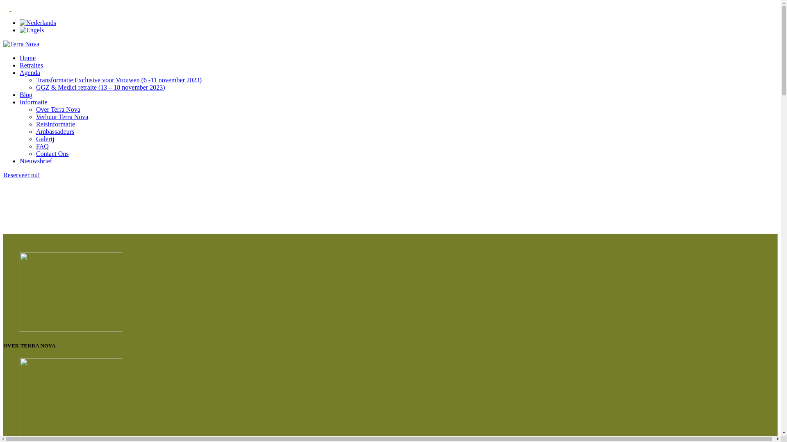 The width and height of the screenshot is (787, 442). Describe the element at coordinates (61, 117) in the screenshot. I see `'Verhuur Terra Nova'` at that location.